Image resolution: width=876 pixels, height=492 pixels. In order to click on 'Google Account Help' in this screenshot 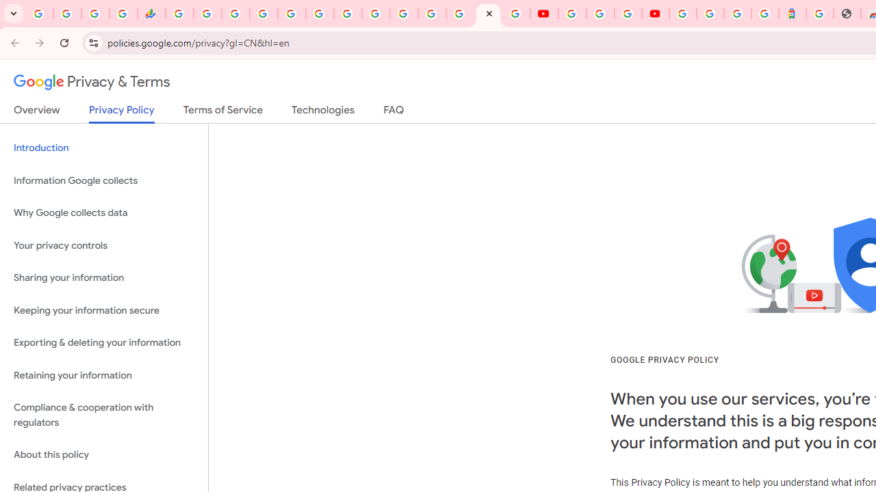, I will do `click(600, 14)`.